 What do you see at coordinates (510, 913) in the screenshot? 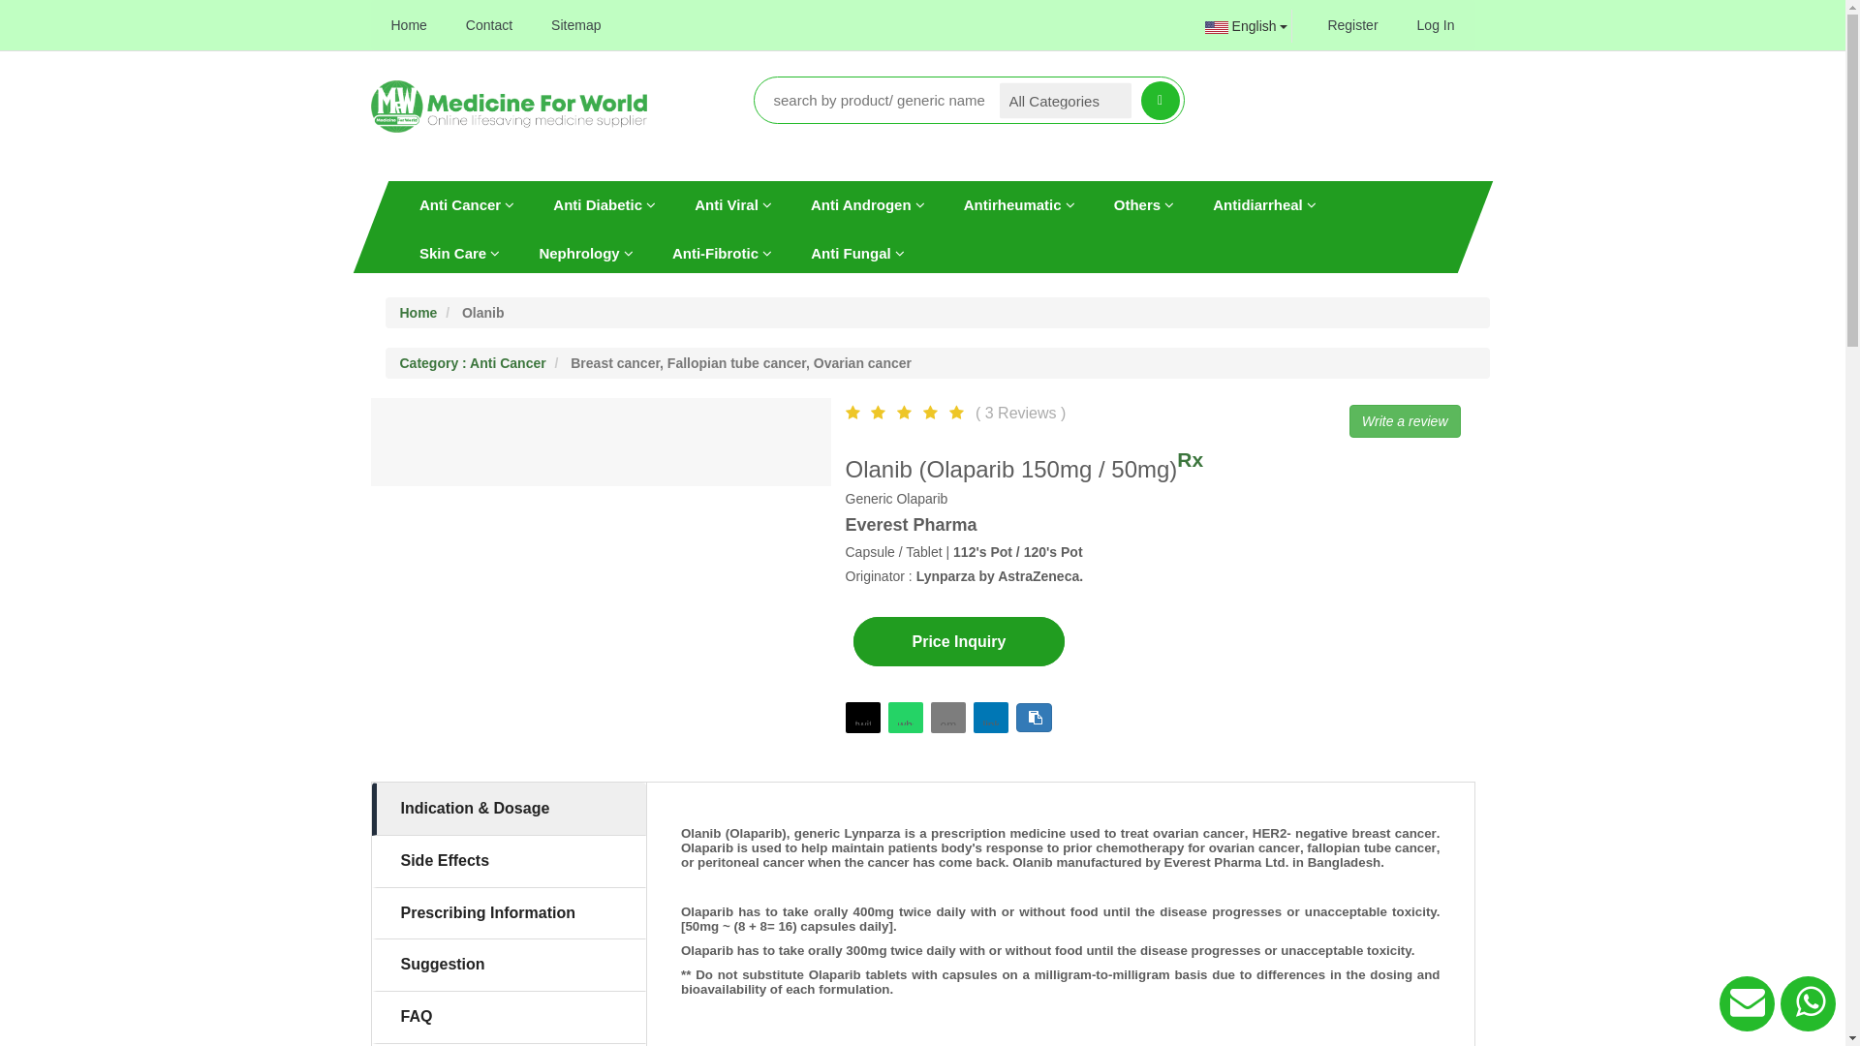
I see `'Prescribing Information'` at bounding box center [510, 913].